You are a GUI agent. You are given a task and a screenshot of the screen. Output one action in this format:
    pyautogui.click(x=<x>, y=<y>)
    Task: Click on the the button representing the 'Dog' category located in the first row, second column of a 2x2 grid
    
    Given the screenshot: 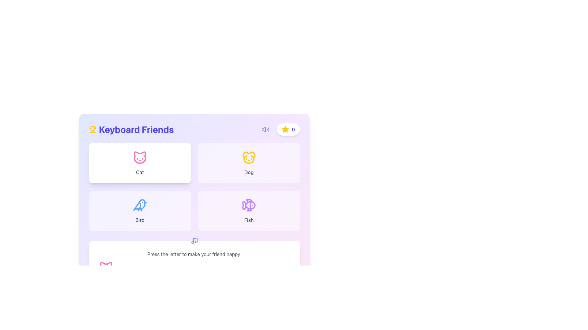 What is the action you would take?
    pyautogui.click(x=249, y=163)
    